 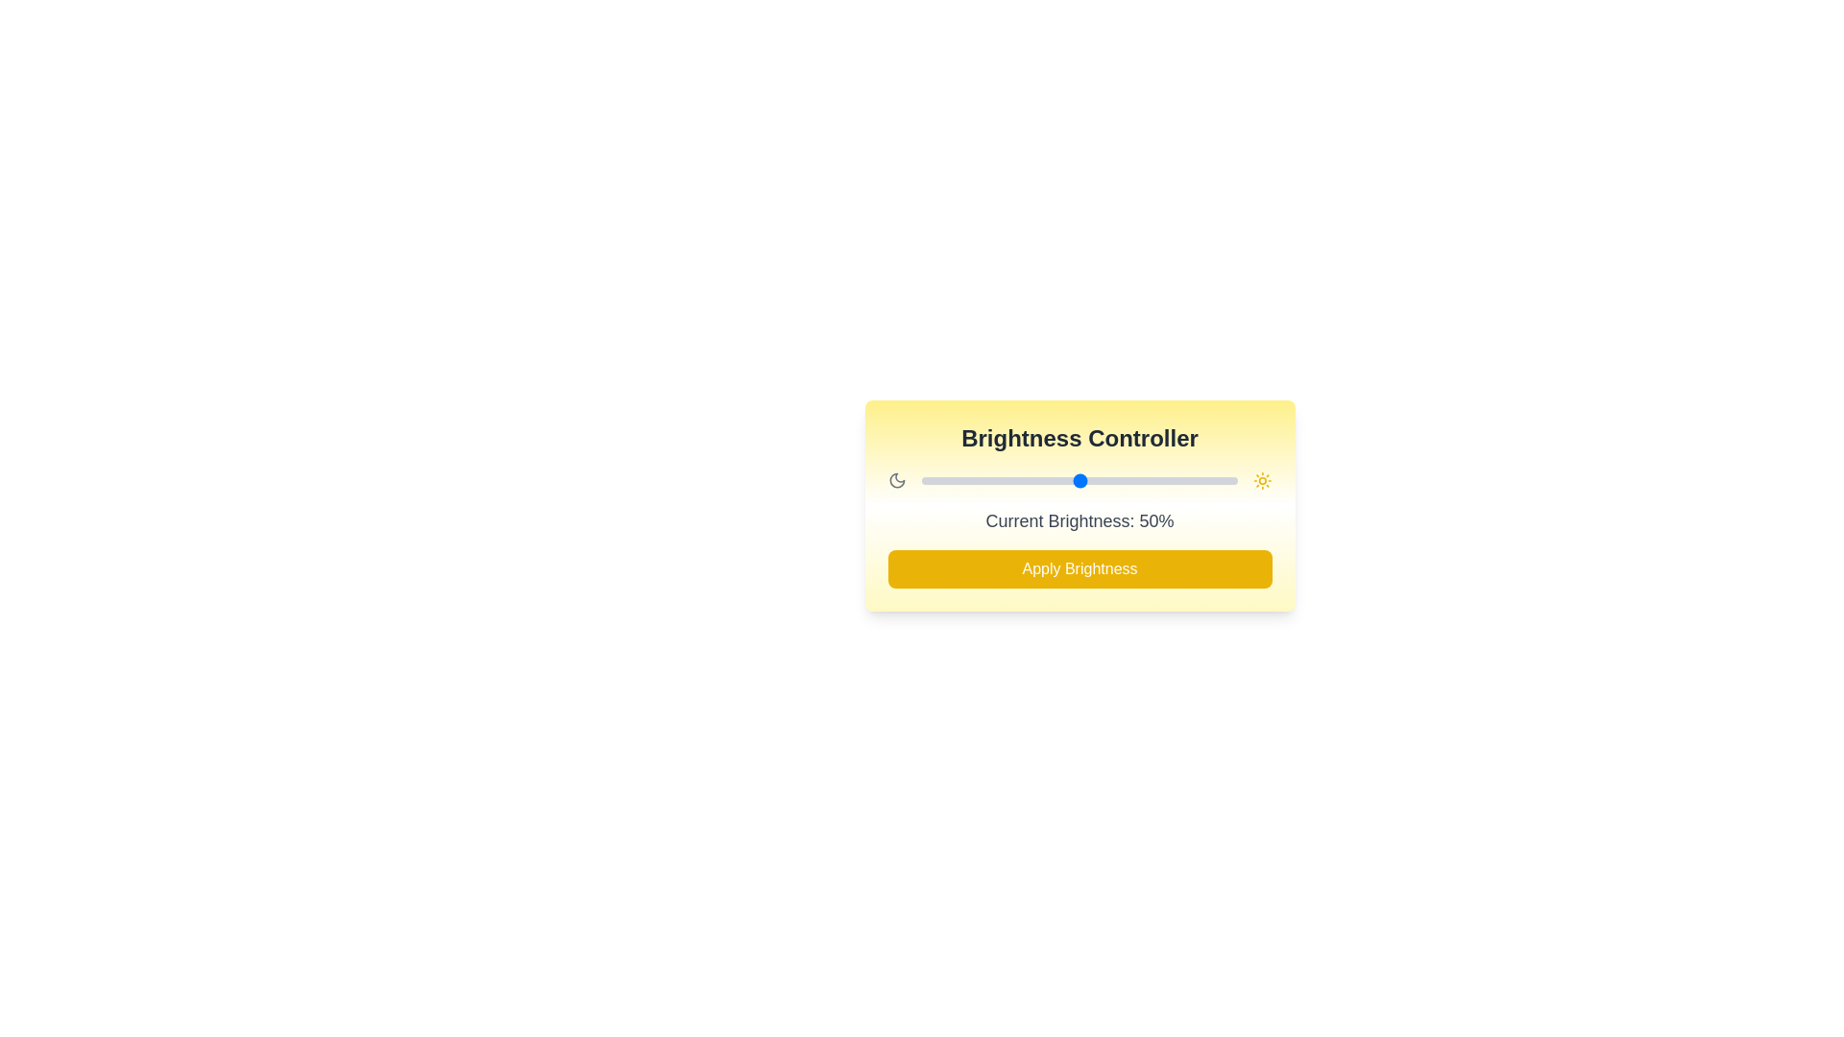 What do you see at coordinates (1139, 480) in the screenshot?
I see `the brightness slider to 69%` at bounding box center [1139, 480].